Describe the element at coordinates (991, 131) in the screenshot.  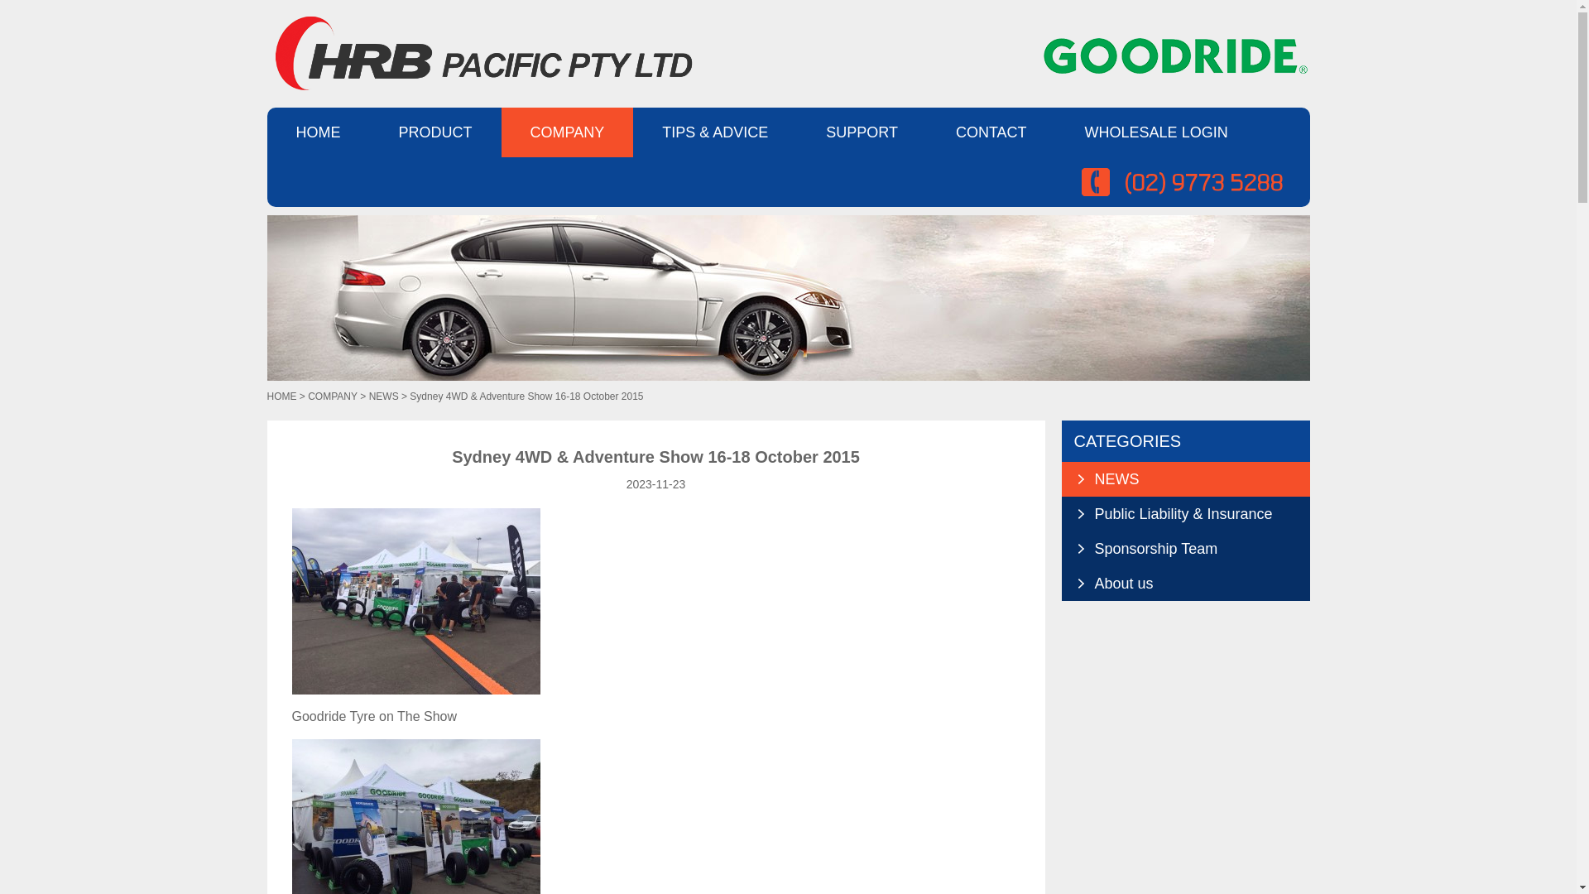
I see `'CONTACT'` at that location.